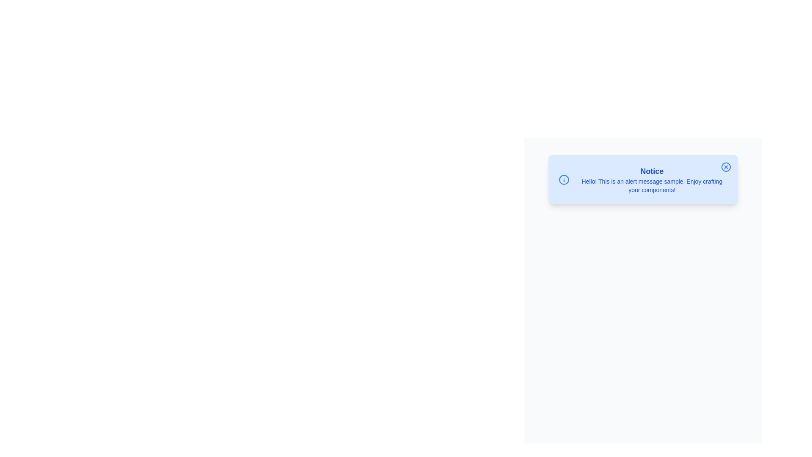 The image size is (812, 457). Describe the element at coordinates (564, 179) in the screenshot. I see `the circular blue icon with two vertical dots, which is positioned to the left of the notification message titled 'Notice'` at that location.